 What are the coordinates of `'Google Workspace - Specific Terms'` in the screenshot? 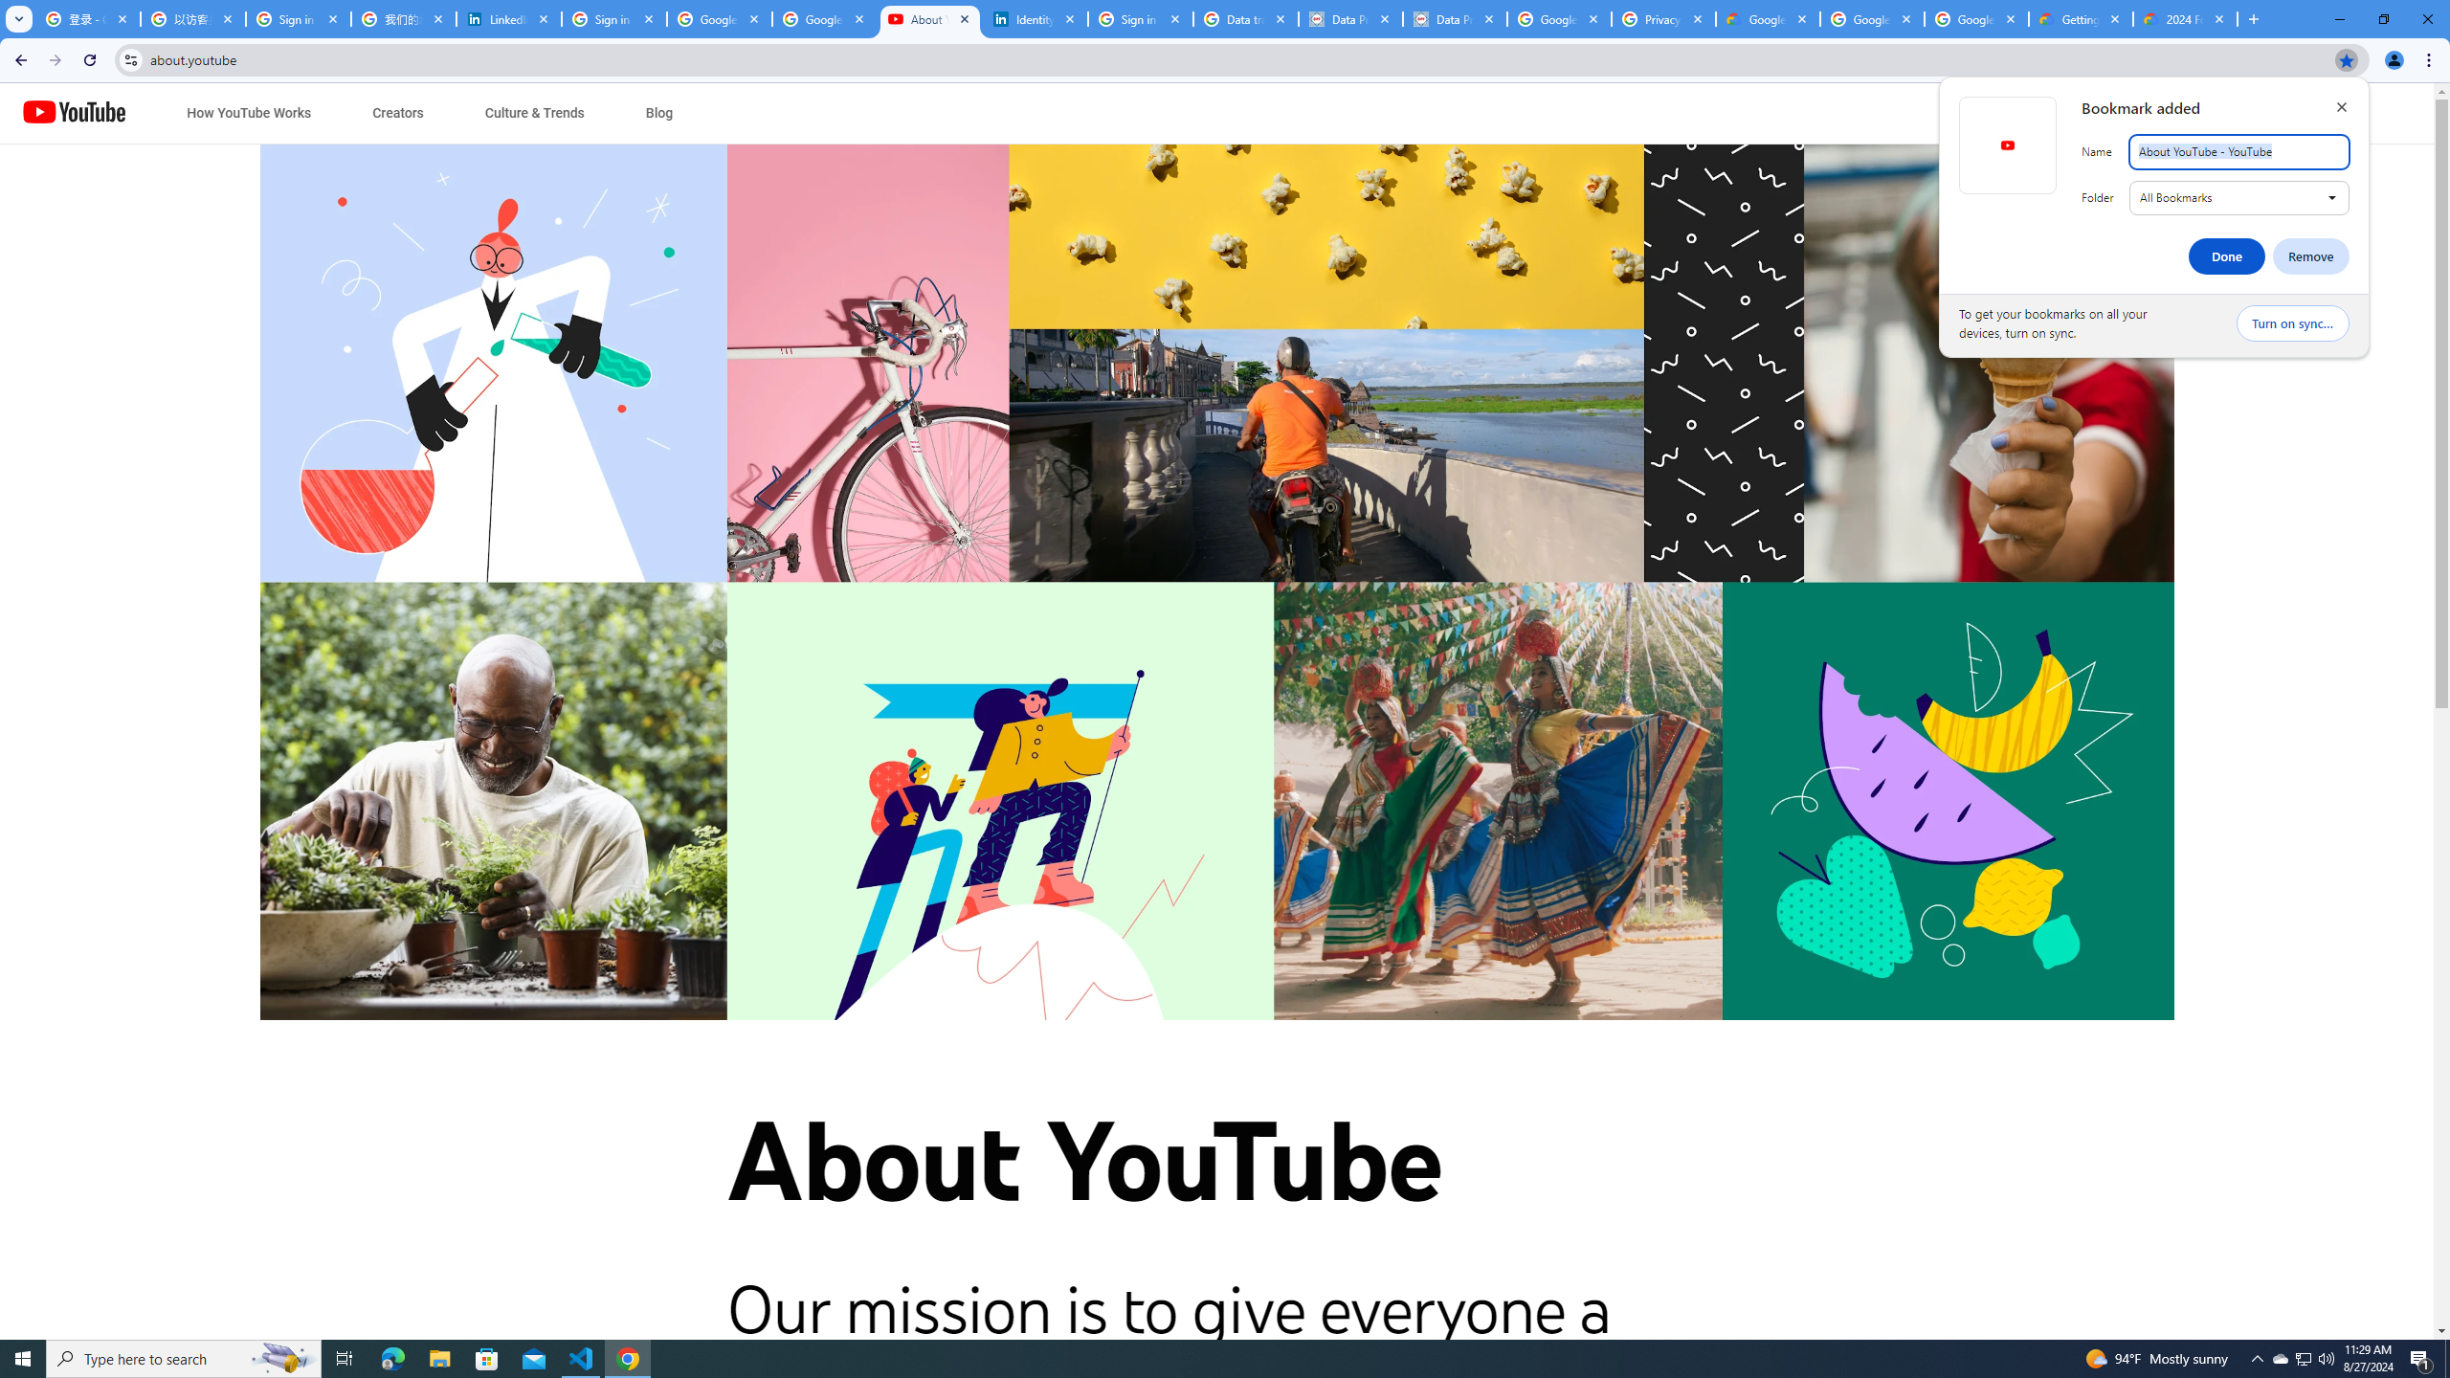 It's located at (1975, 18).